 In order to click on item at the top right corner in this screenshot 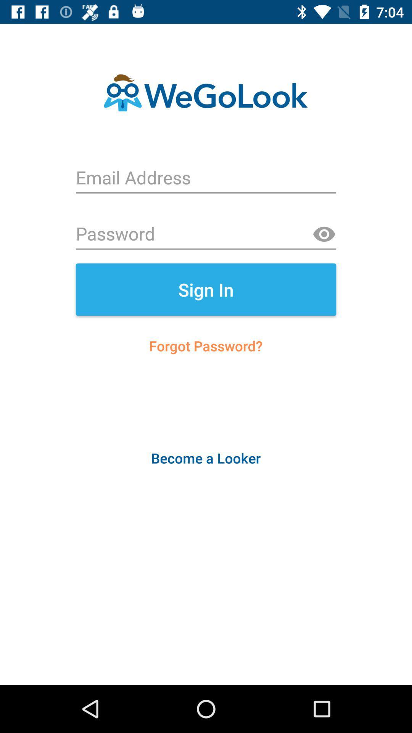, I will do `click(324, 234)`.